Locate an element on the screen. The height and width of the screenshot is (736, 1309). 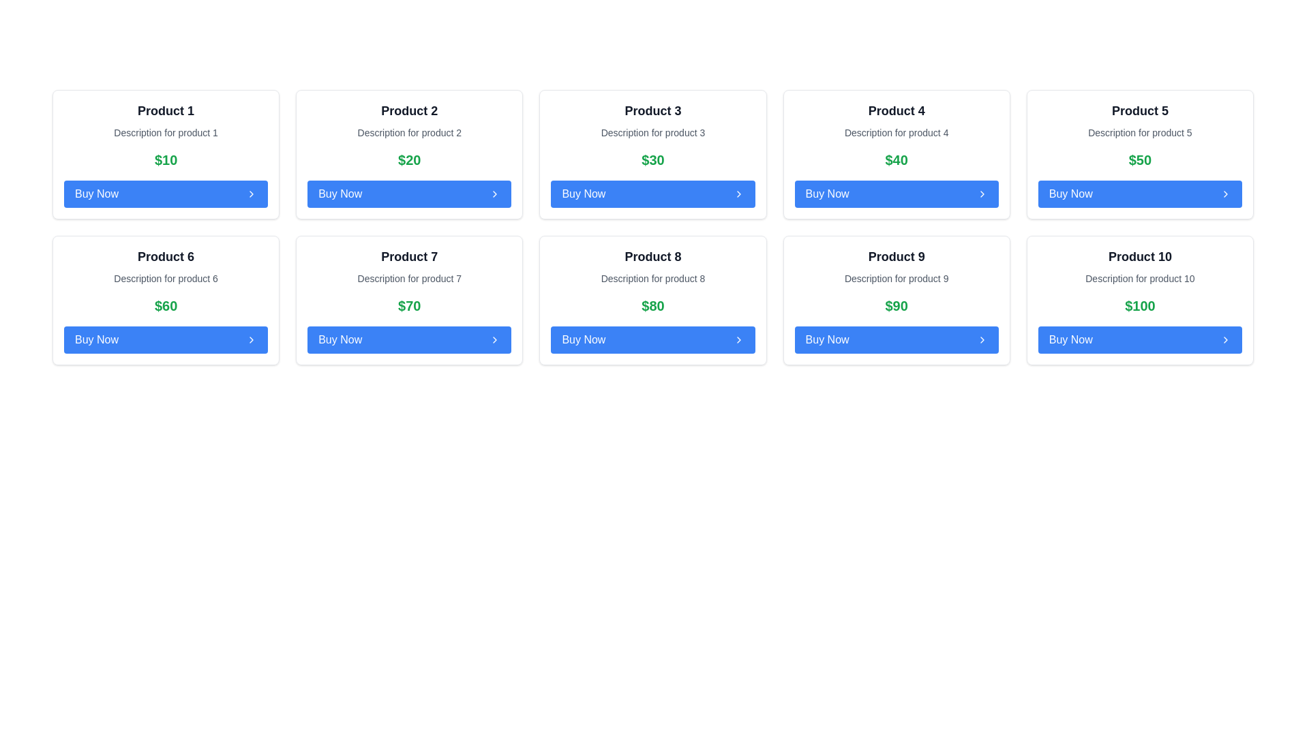
the chevron icon located at the far-right end of the 'Buy Now' button for Product 5 is located at coordinates (1226, 194).